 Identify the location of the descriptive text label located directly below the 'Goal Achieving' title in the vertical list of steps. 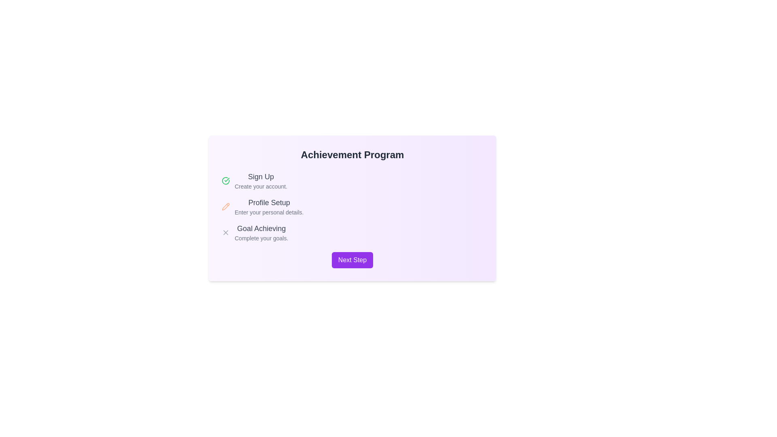
(261, 238).